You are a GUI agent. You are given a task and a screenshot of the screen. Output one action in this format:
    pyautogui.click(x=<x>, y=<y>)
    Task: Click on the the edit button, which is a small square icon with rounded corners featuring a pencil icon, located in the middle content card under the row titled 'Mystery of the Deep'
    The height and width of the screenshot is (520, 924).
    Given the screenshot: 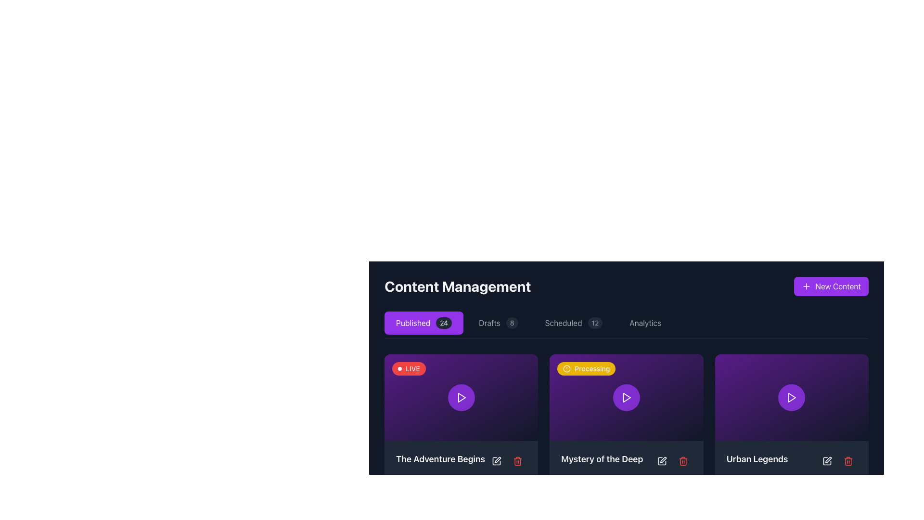 What is the action you would take?
    pyautogui.click(x=661, y=460)
    